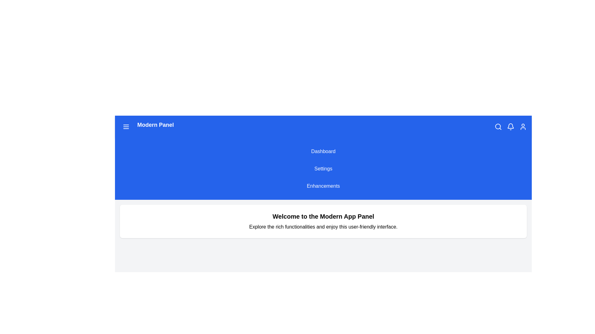  What do you see at coordinates (126, 126) in the screenshot?
I see `the menu button to toggle the visibility of the menu` at bounding box center [126, 126].